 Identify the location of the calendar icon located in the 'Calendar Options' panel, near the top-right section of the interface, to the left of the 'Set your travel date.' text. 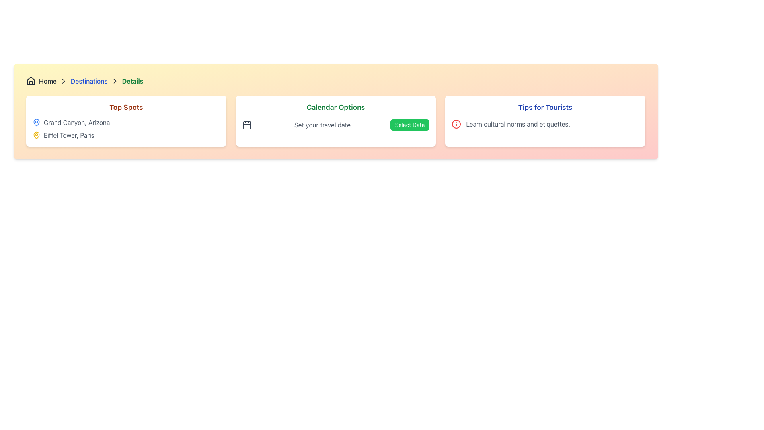
(246, 125).